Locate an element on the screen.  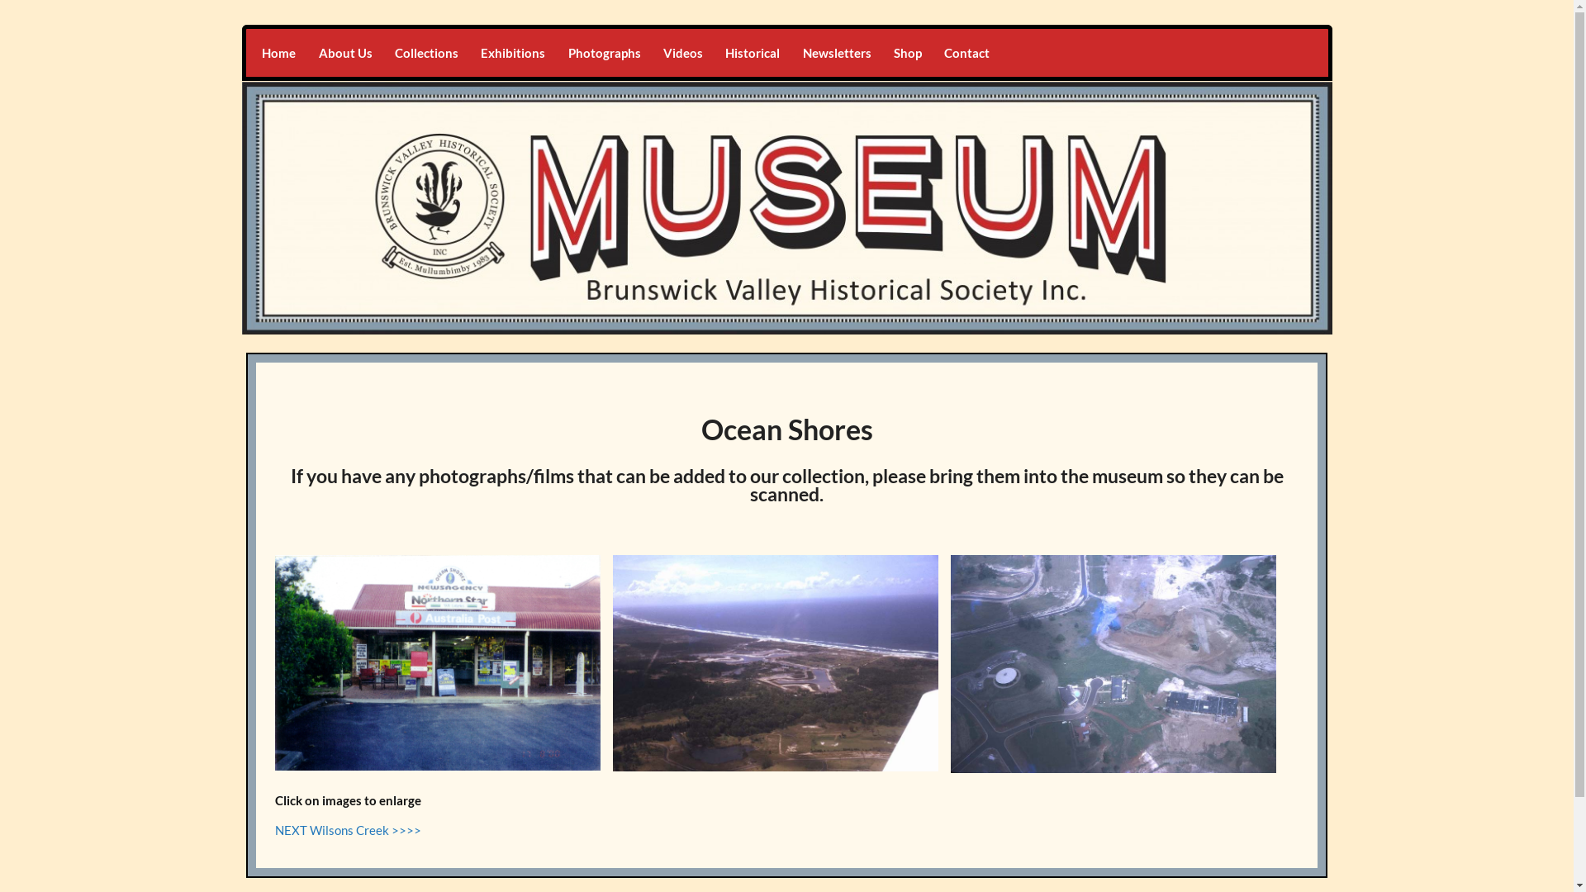
'Newsletters' is located at coordinates (836, 52).